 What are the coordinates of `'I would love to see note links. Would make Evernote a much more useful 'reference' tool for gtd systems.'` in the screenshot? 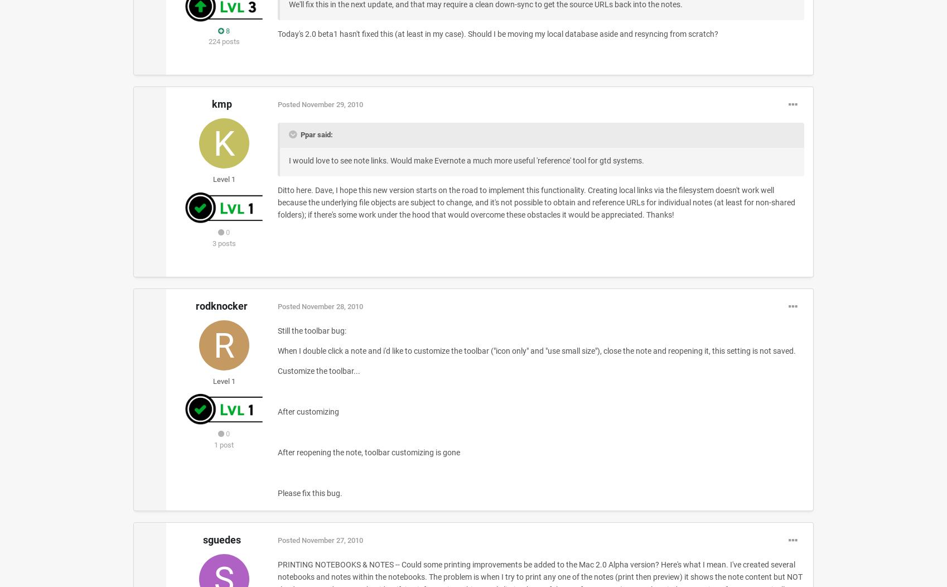 It's located at (465, 161).